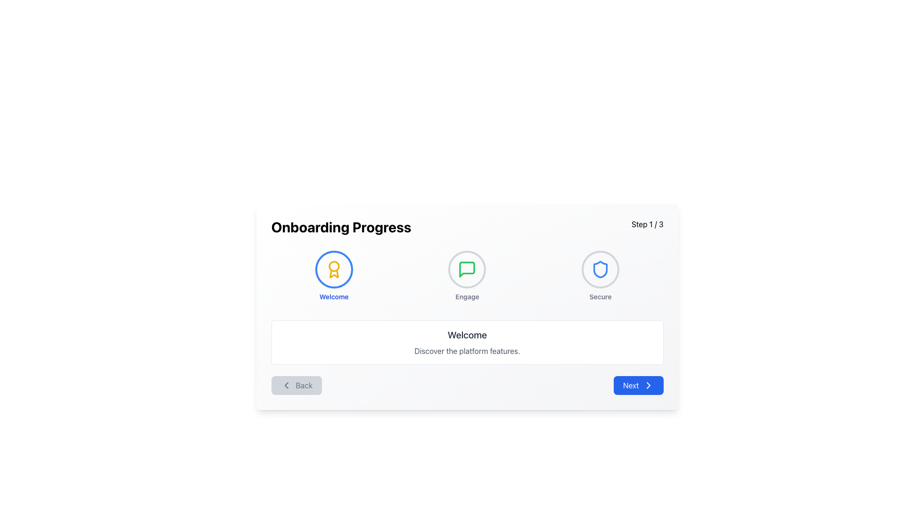  Describe the element at coordinates (334, 266) in the screenshot. I see `the decorative circle within the SVG graphic, which is a yellow and white circular shape symbolizing achievement, located at the center of the first icon in a sequence of three` at that location.